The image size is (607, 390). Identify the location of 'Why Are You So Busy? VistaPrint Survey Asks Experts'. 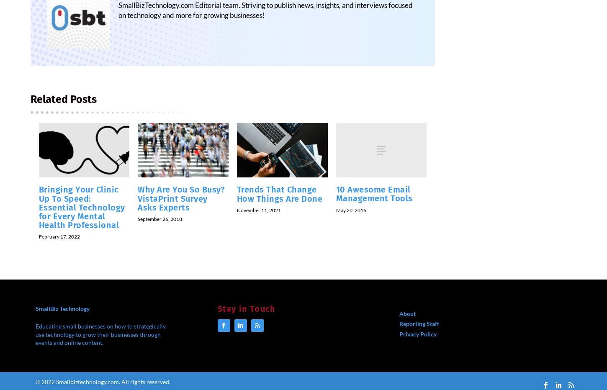
(180, 203).